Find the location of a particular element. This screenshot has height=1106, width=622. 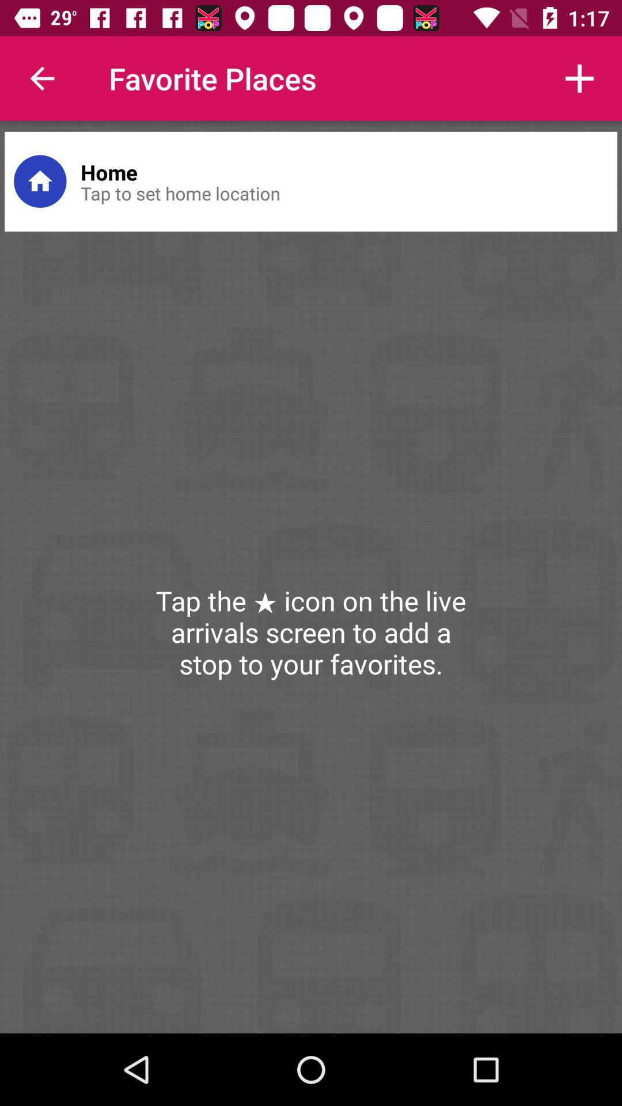

item next to favorite places icon is located at coordinates (41, 78).